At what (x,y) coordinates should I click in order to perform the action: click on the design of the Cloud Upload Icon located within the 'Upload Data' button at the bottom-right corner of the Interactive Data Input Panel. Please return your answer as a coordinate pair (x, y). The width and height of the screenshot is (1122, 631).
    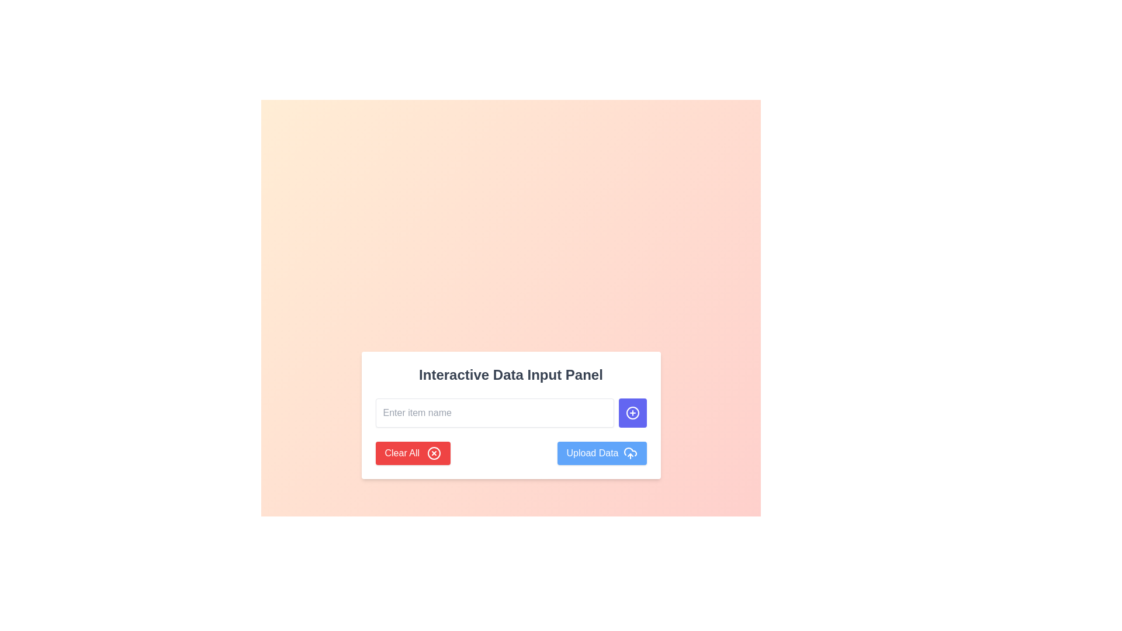
    Looking at the image, I should click on (629, 452).